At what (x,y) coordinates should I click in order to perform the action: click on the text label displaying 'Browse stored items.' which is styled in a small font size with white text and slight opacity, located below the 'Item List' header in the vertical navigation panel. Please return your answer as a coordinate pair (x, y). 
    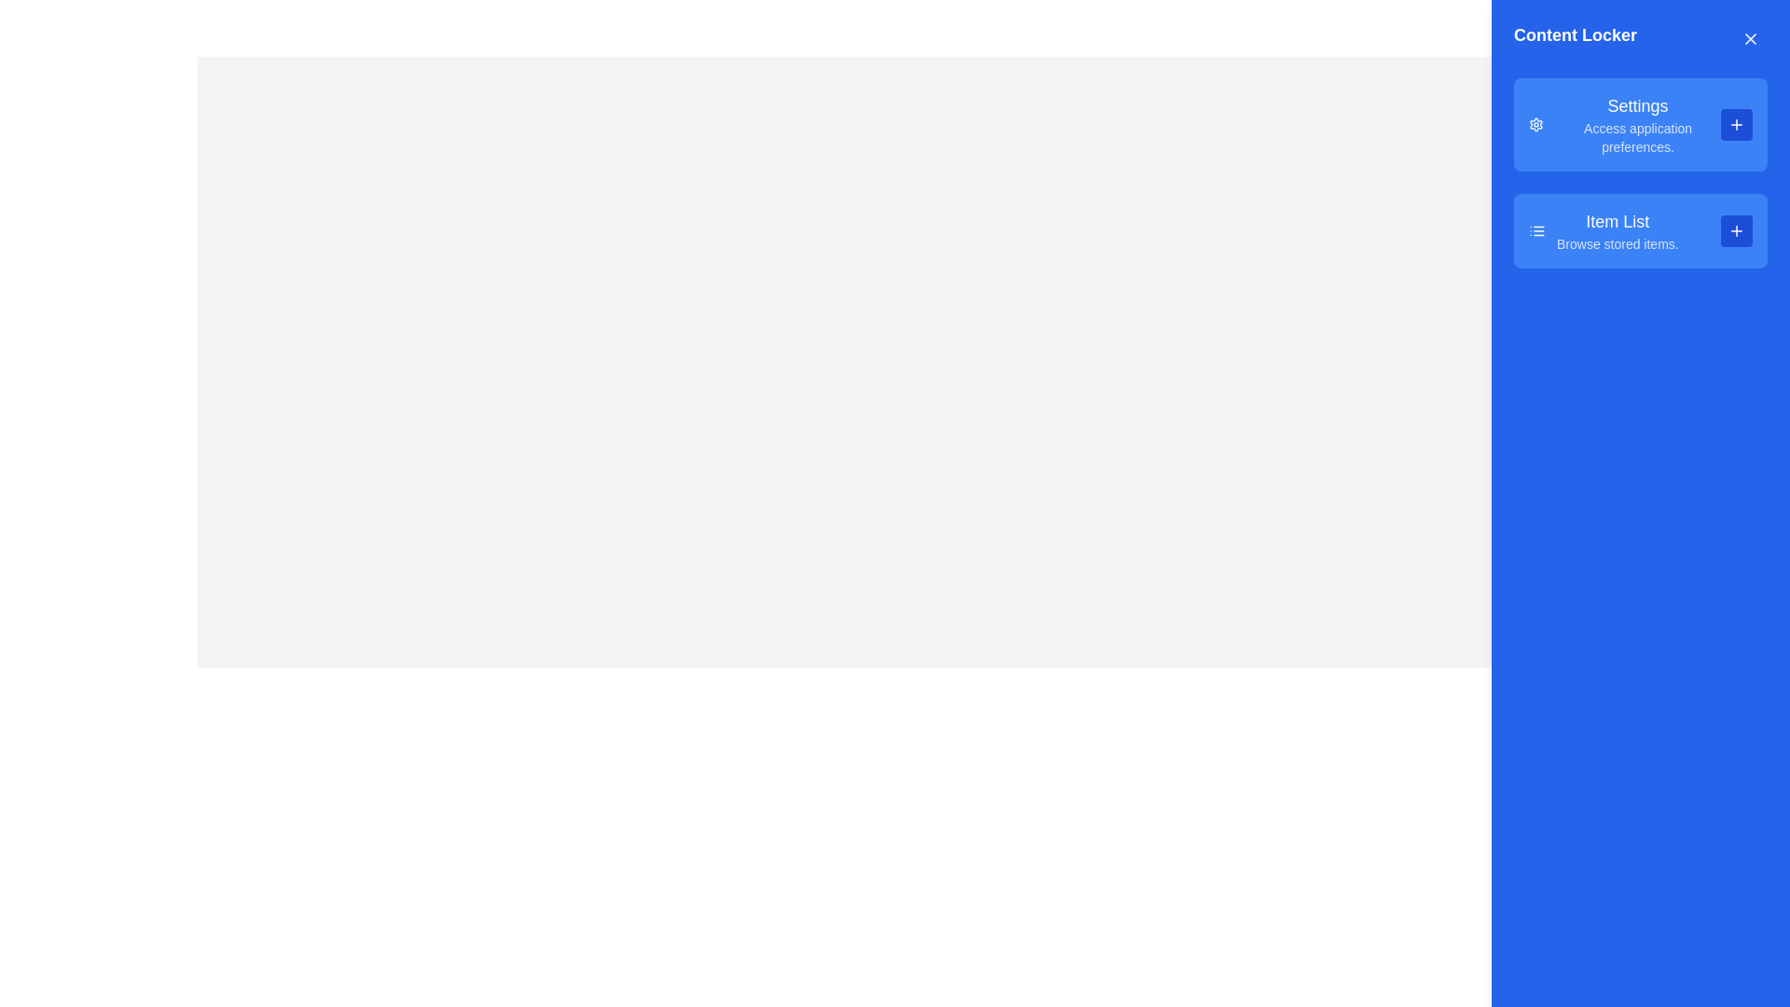
    Looking at the image, I should click on (1617, 243).